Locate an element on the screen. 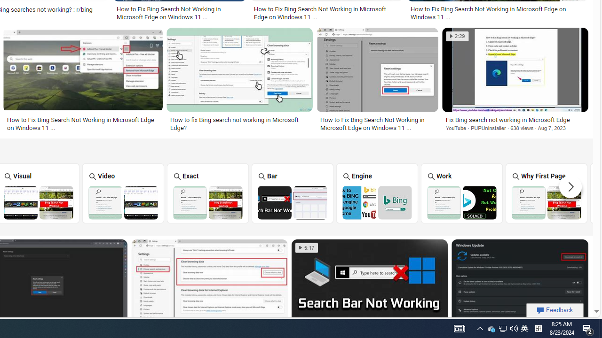  'Work' is located at coordinates (461, 192).